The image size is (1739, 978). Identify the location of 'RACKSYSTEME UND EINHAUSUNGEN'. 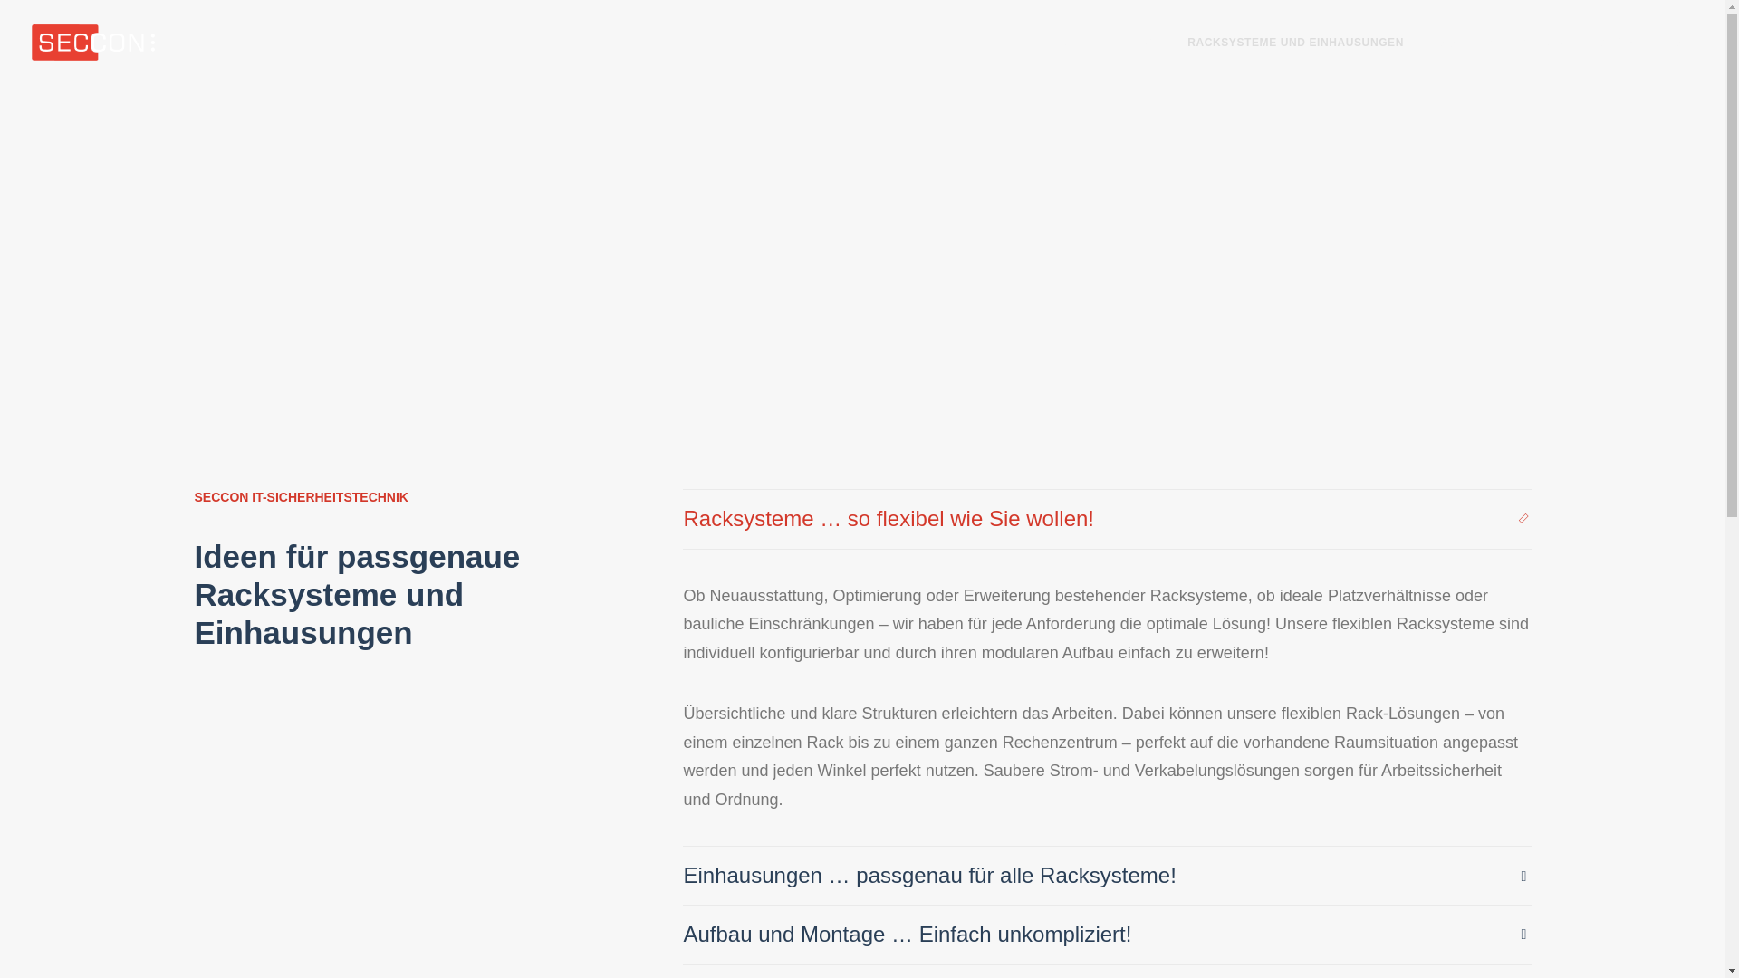
(1294, 41).